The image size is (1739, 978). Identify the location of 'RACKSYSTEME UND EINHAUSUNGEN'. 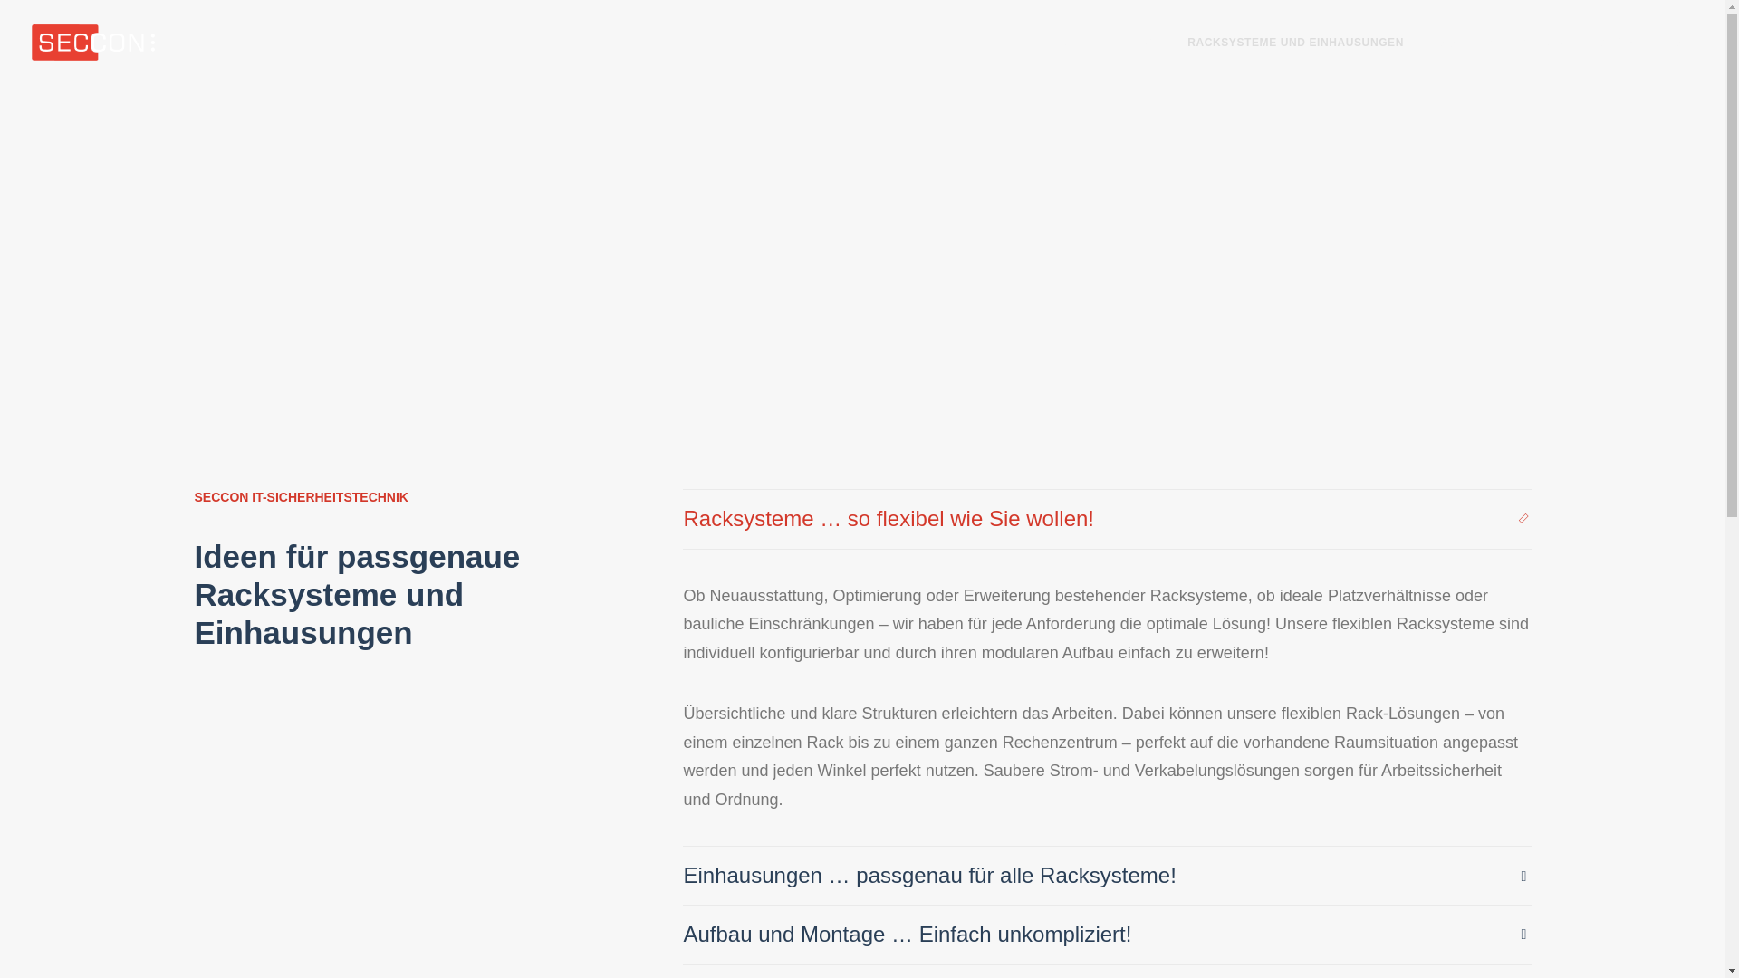
(1294, 41).